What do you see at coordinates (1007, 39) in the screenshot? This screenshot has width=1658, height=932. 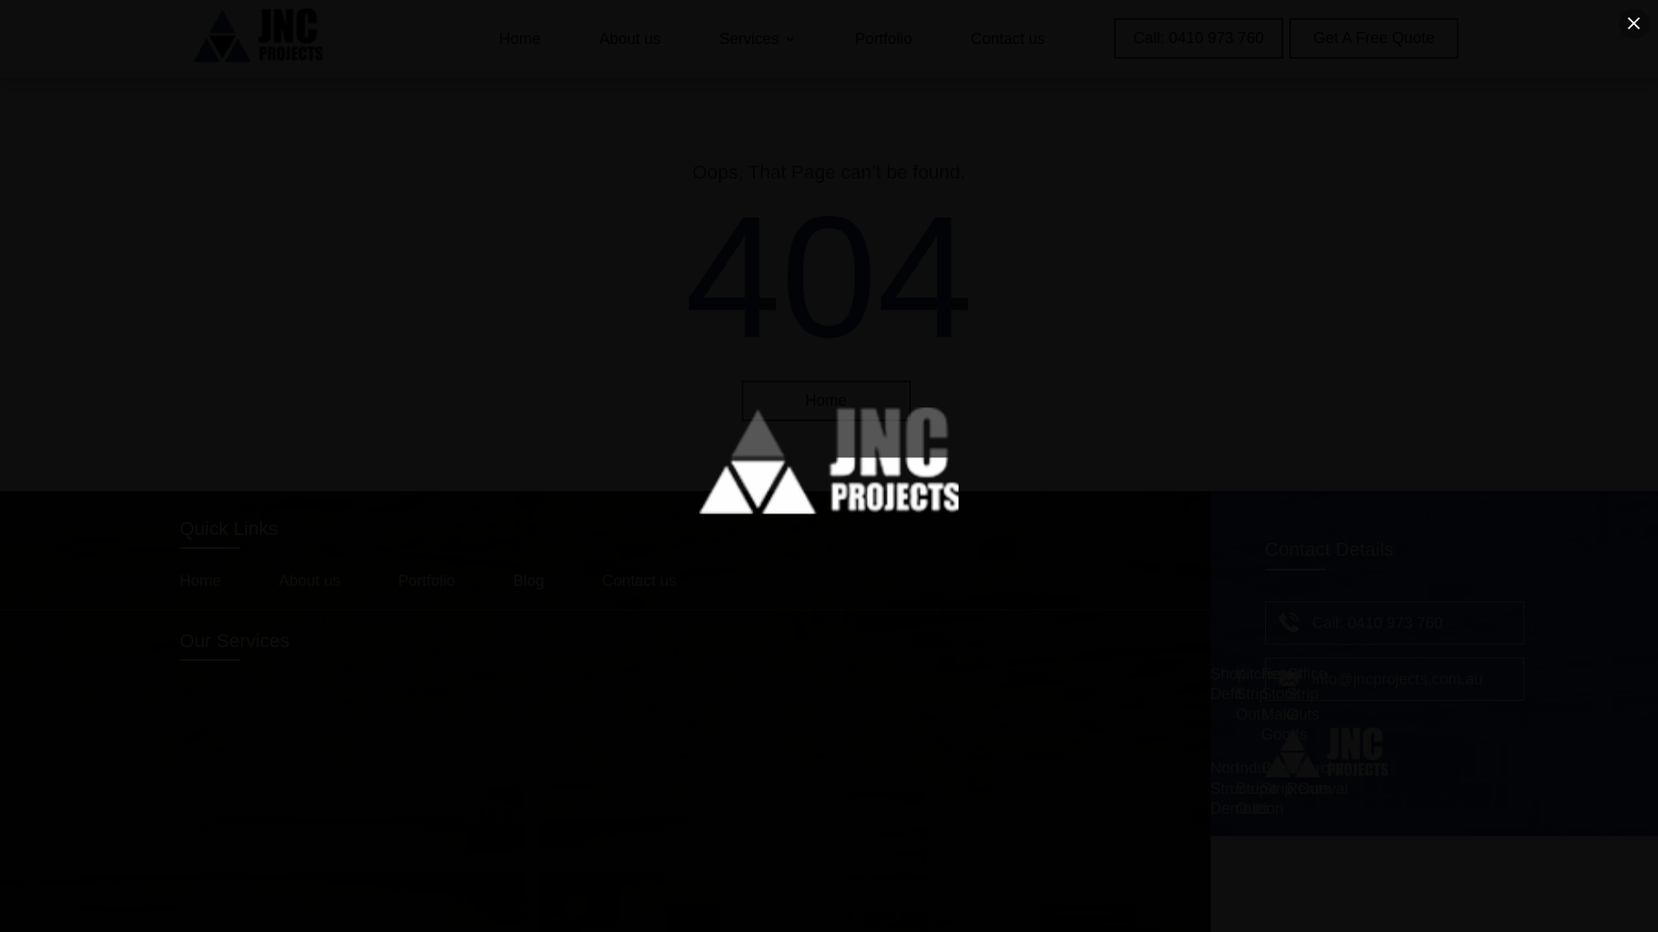 I see `'Contact us'` at bounding box center [1007, 39].